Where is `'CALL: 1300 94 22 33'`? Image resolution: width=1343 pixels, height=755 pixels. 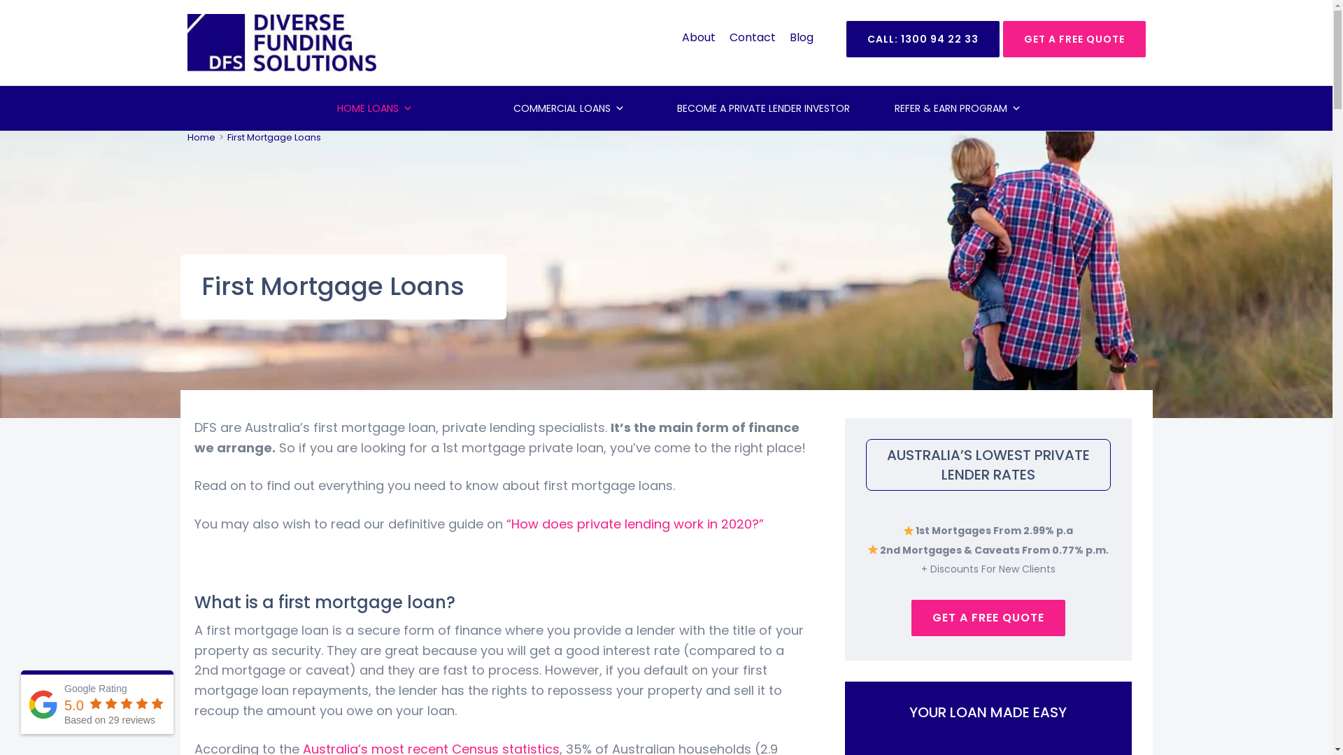
'CALL: 1300 94 22 33' is located at coordinates (923, 38).